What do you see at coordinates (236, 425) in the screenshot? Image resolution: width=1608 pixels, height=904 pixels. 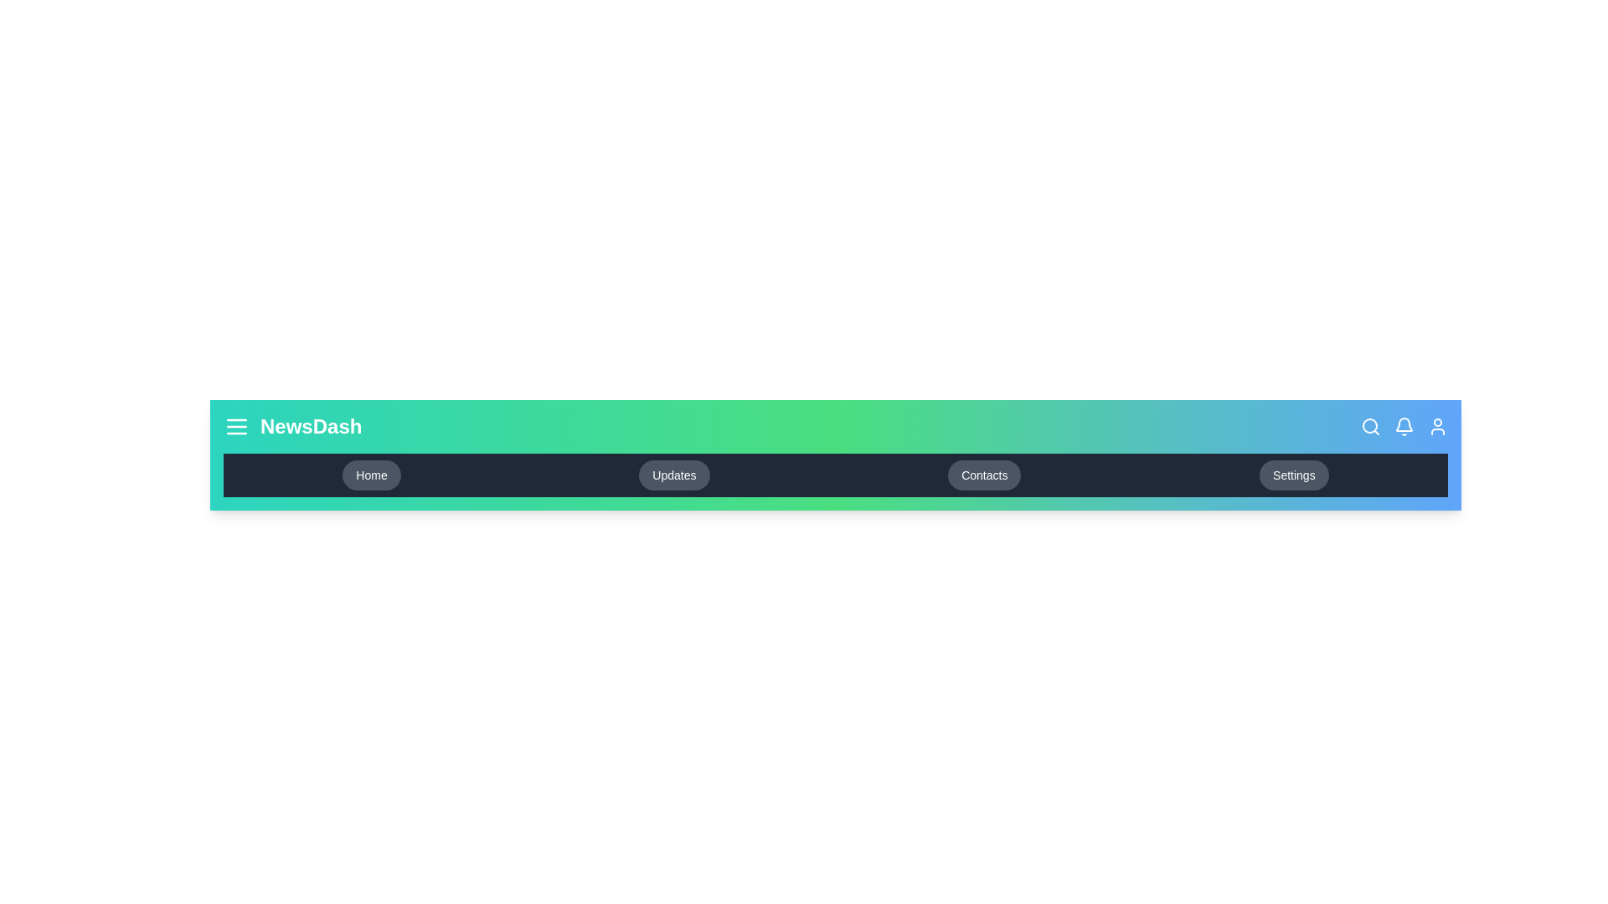 I see `the menu icon to toggle the menu visibility` at bounding box center [236, 425].